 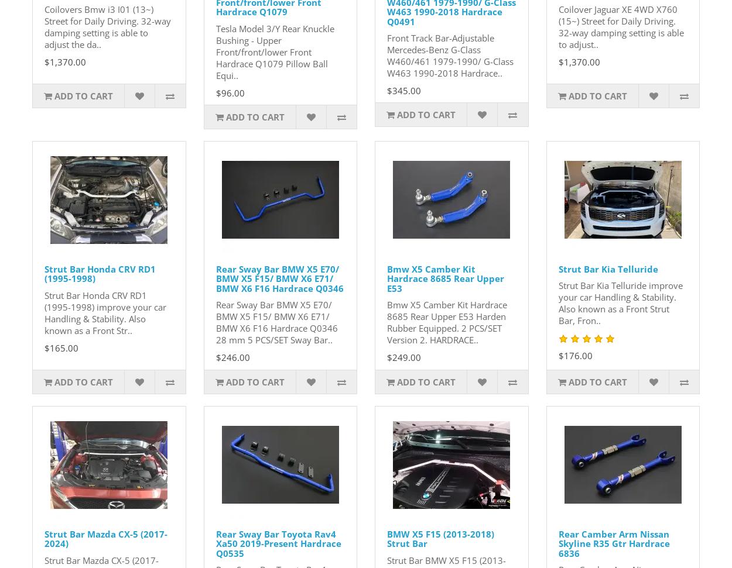 I want to click on 'Strut Bar Kia Telluride', so click(x=608, y=268).